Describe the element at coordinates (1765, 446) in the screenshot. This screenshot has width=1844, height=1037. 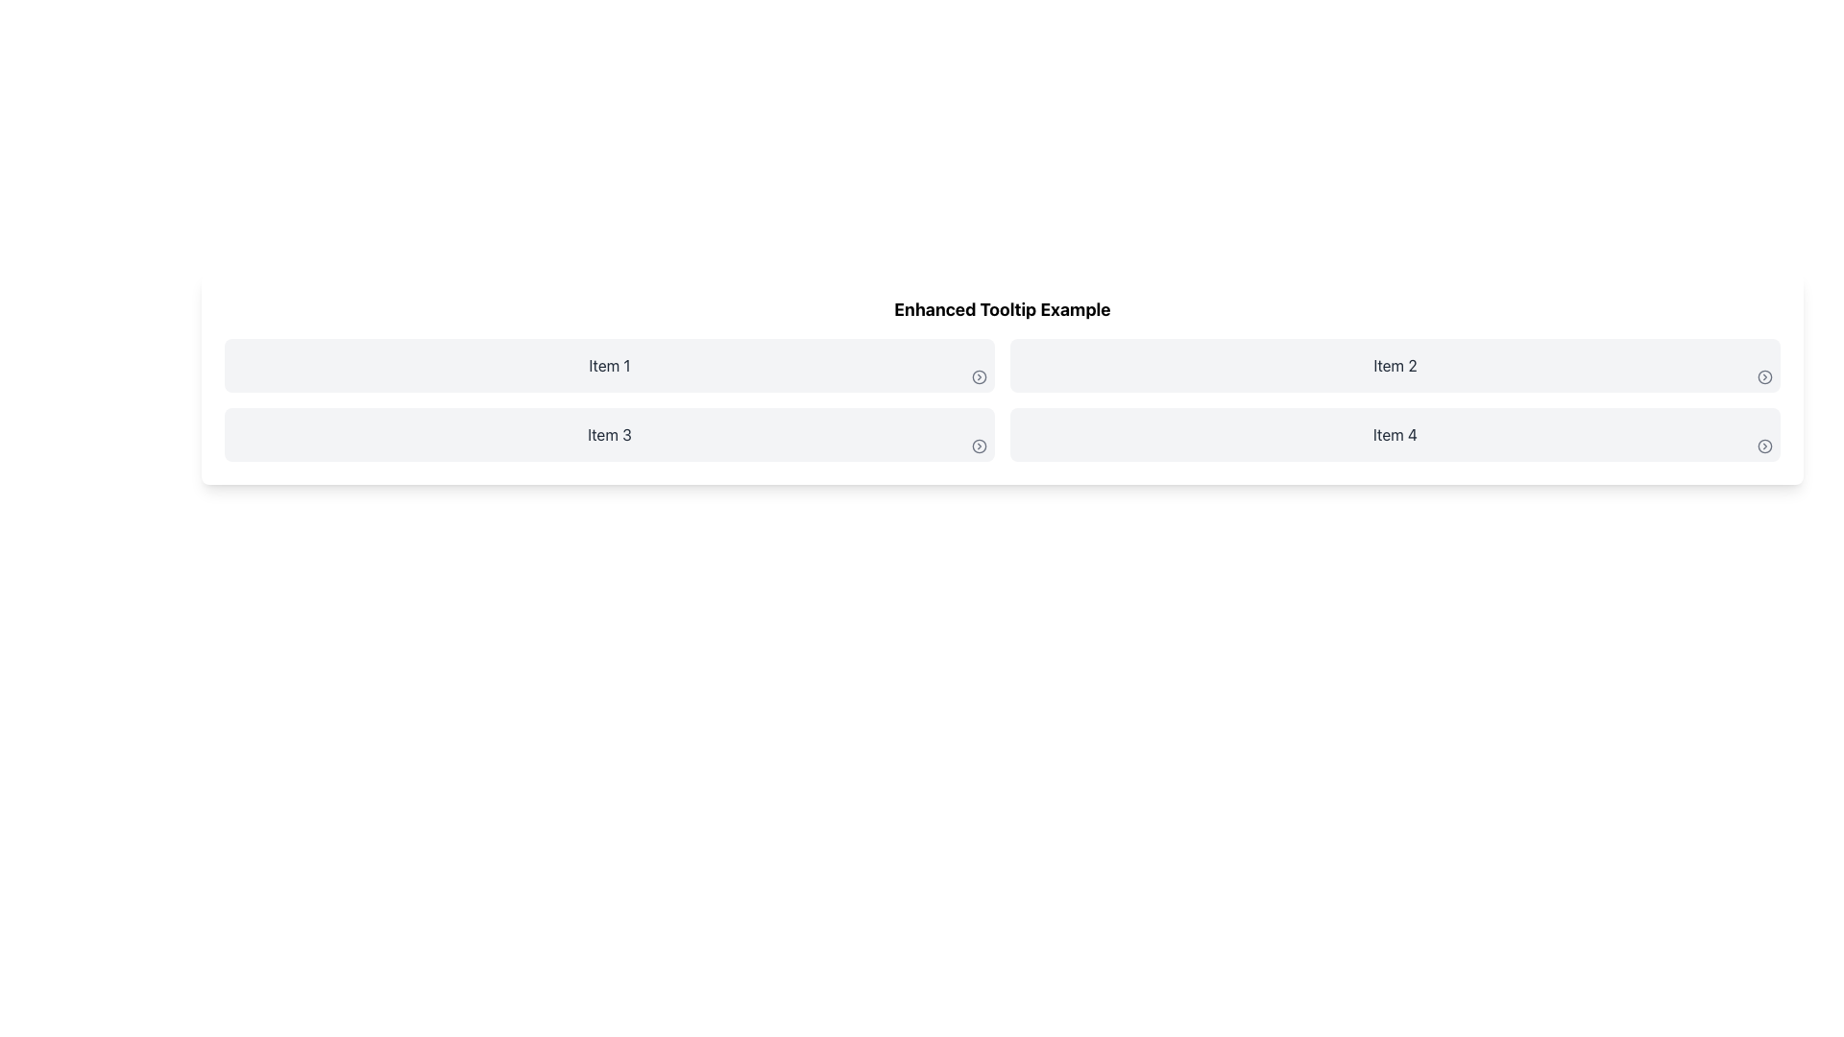
I see `the decorative Circle graphic within the SVG component of 'Item 4', which indicates interactive functionality for navigation or expansion` at that location.